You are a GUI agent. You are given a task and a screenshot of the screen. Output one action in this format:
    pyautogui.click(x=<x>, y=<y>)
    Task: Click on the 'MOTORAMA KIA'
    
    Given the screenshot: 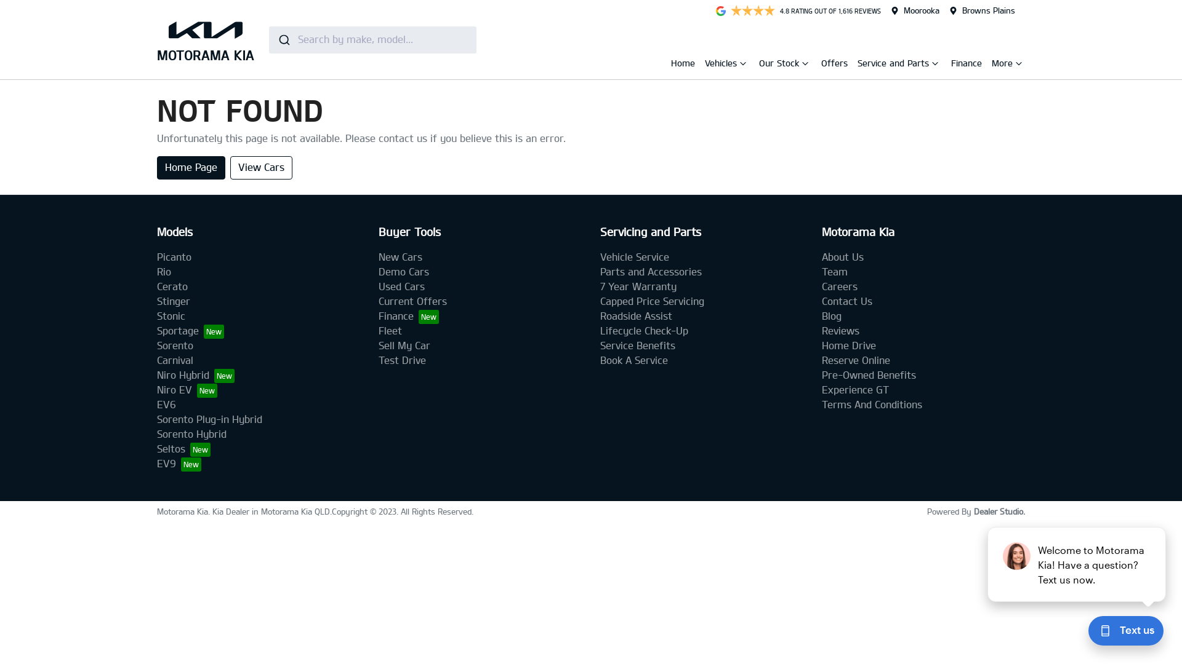 What is the action you would take?
    pyautogui.click(x=206, y=39)
    